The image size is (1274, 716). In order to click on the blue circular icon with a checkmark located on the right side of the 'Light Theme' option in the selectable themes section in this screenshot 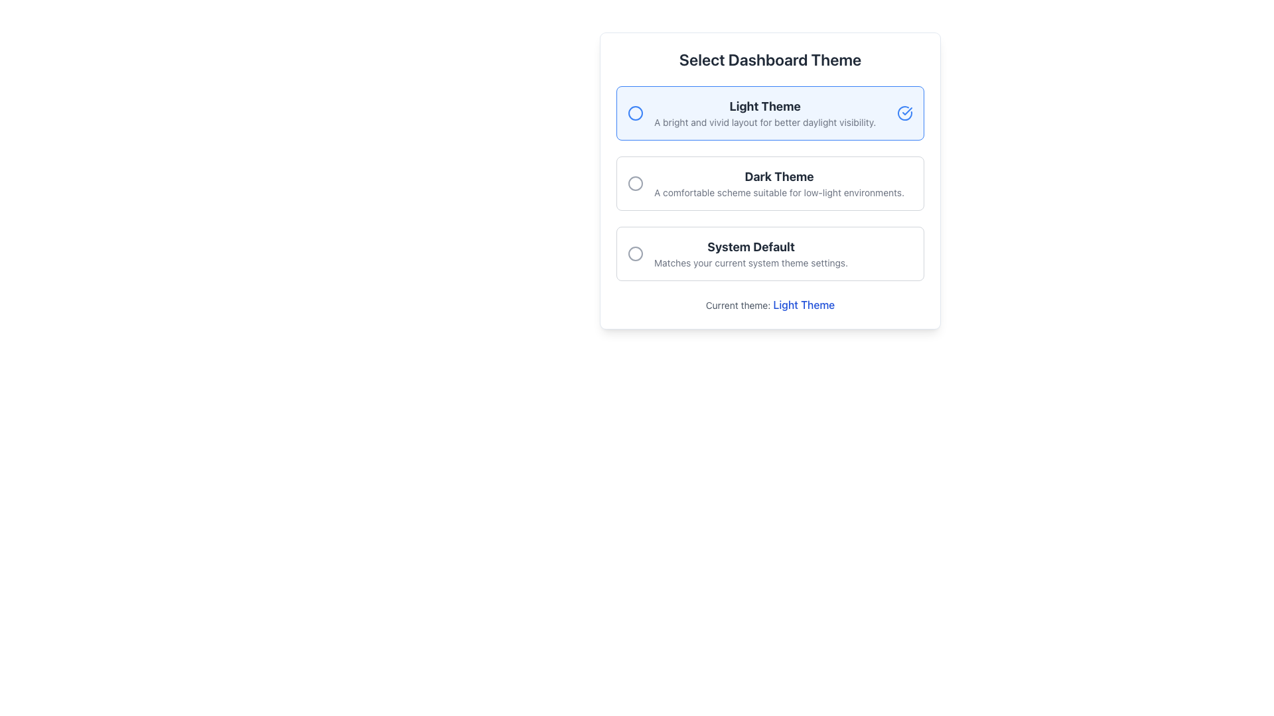, I will do `click(904, 112)`.